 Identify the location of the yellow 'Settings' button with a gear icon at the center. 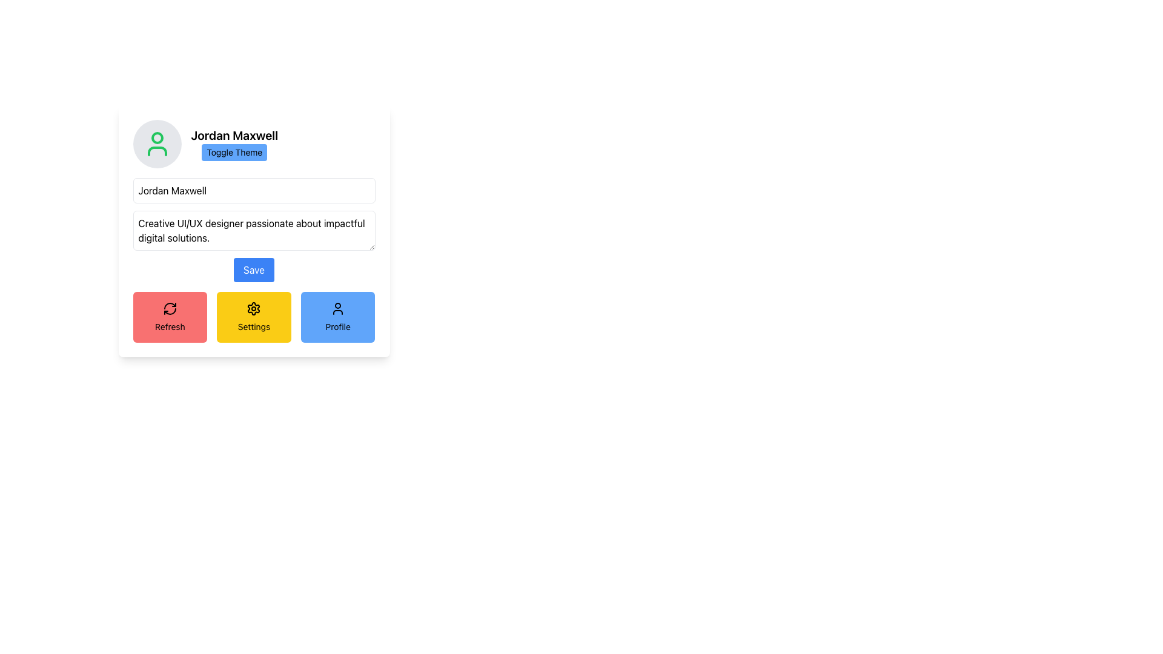
(253, 317).